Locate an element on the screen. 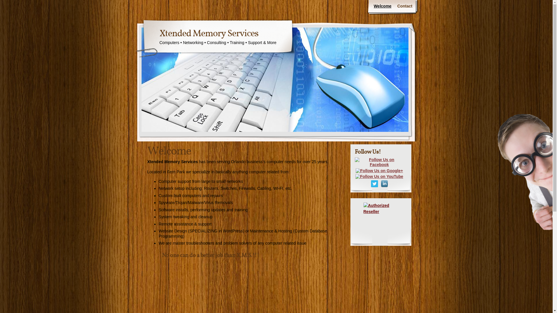 The image size is (557, 313). 'Authorized Reseller' is located at coordinates (363, 220).